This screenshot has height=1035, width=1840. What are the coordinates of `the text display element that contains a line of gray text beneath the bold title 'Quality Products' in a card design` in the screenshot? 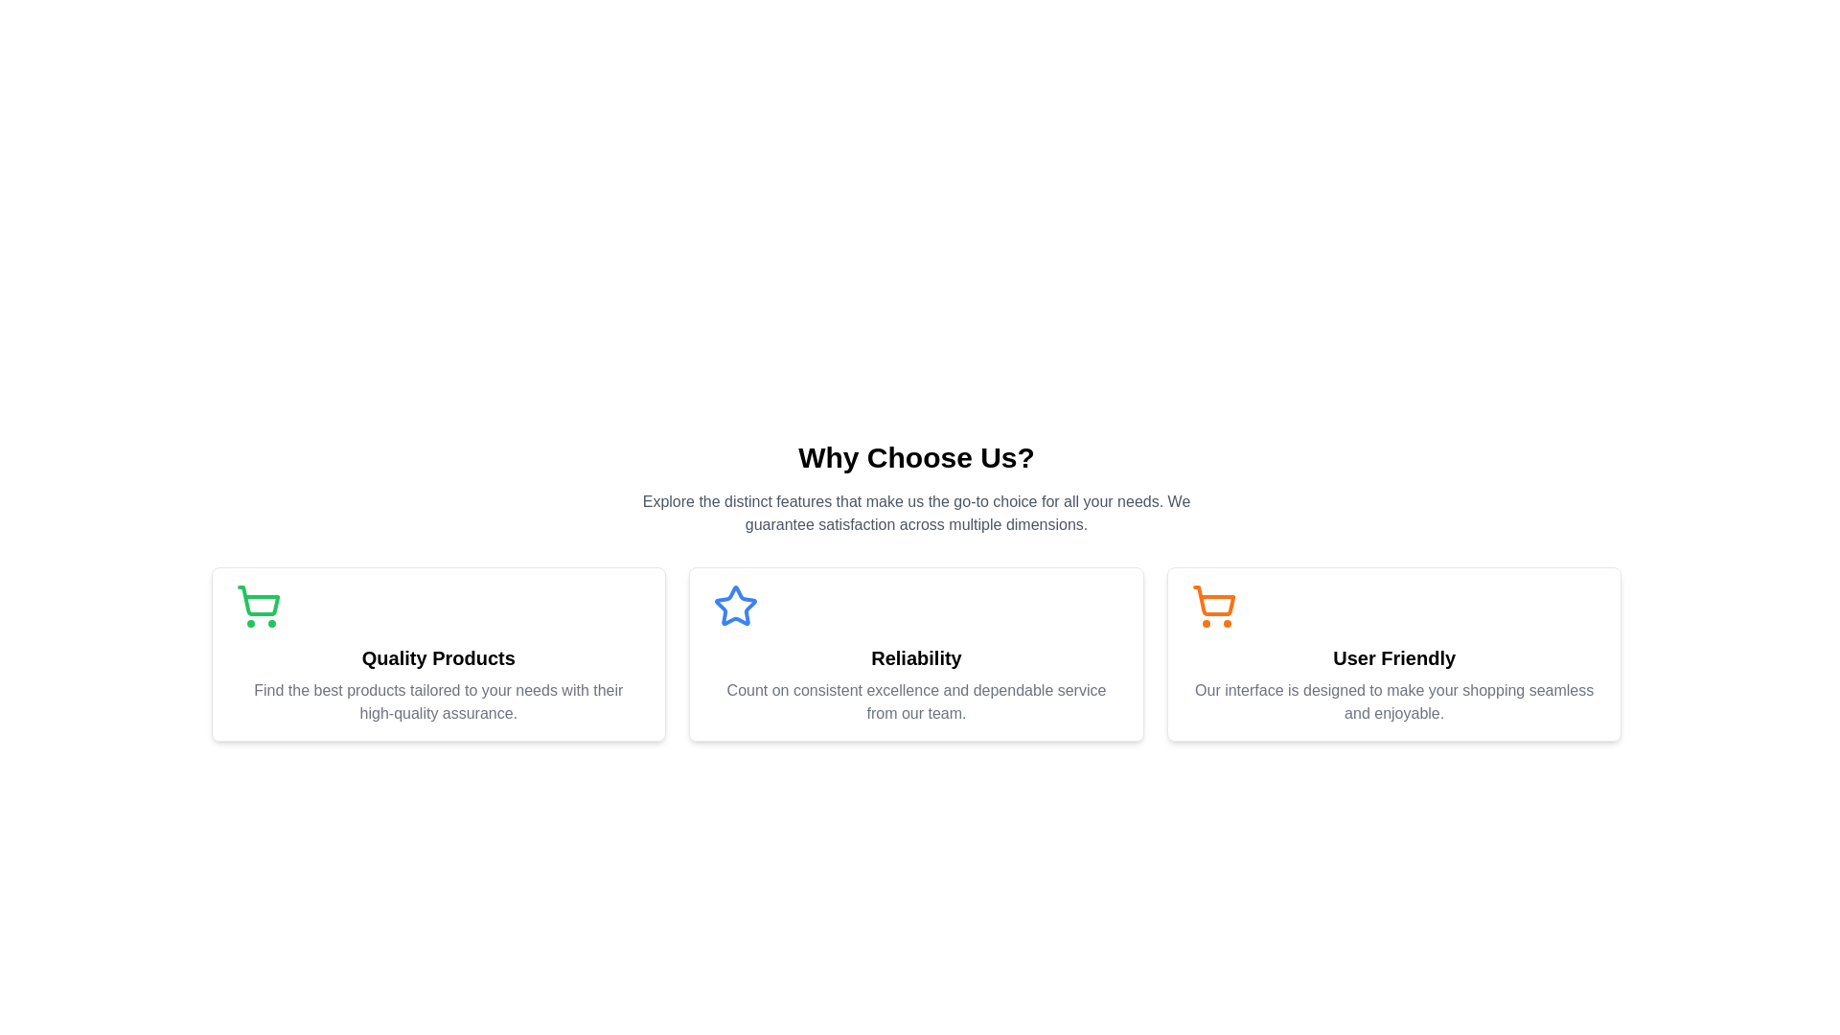 It's located at (437, 701).